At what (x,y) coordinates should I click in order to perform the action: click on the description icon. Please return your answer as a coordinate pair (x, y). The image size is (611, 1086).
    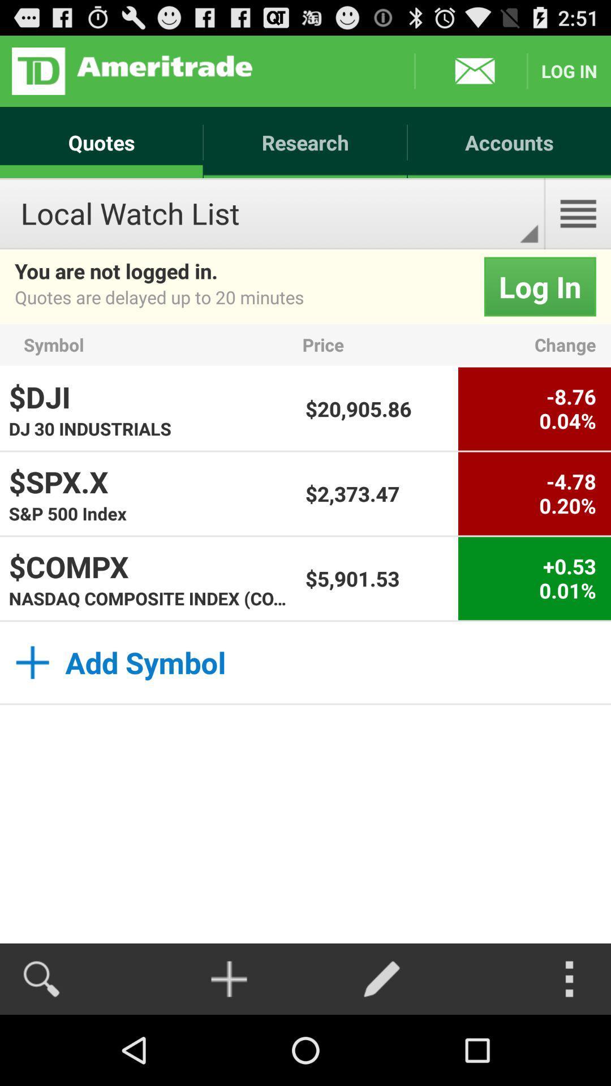
    Looking at the image, I should click on (578, 228).